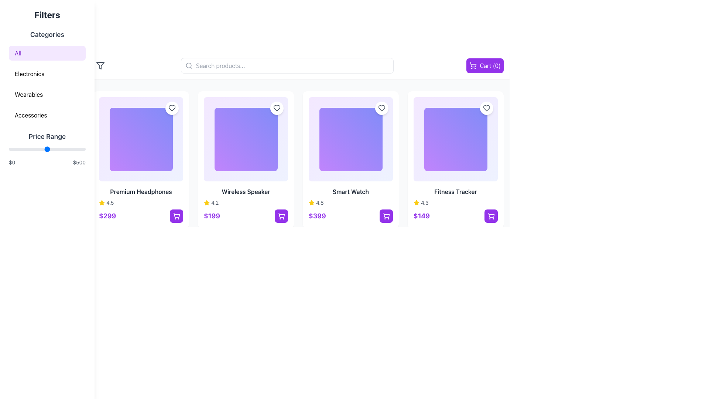 This screenshot has width=709, height=399. Describe the element at coordinates (276, 108) in the screenshot. I see `the heart icon in the top-right corner of the 'Wireless Speaker' product card` at that location.